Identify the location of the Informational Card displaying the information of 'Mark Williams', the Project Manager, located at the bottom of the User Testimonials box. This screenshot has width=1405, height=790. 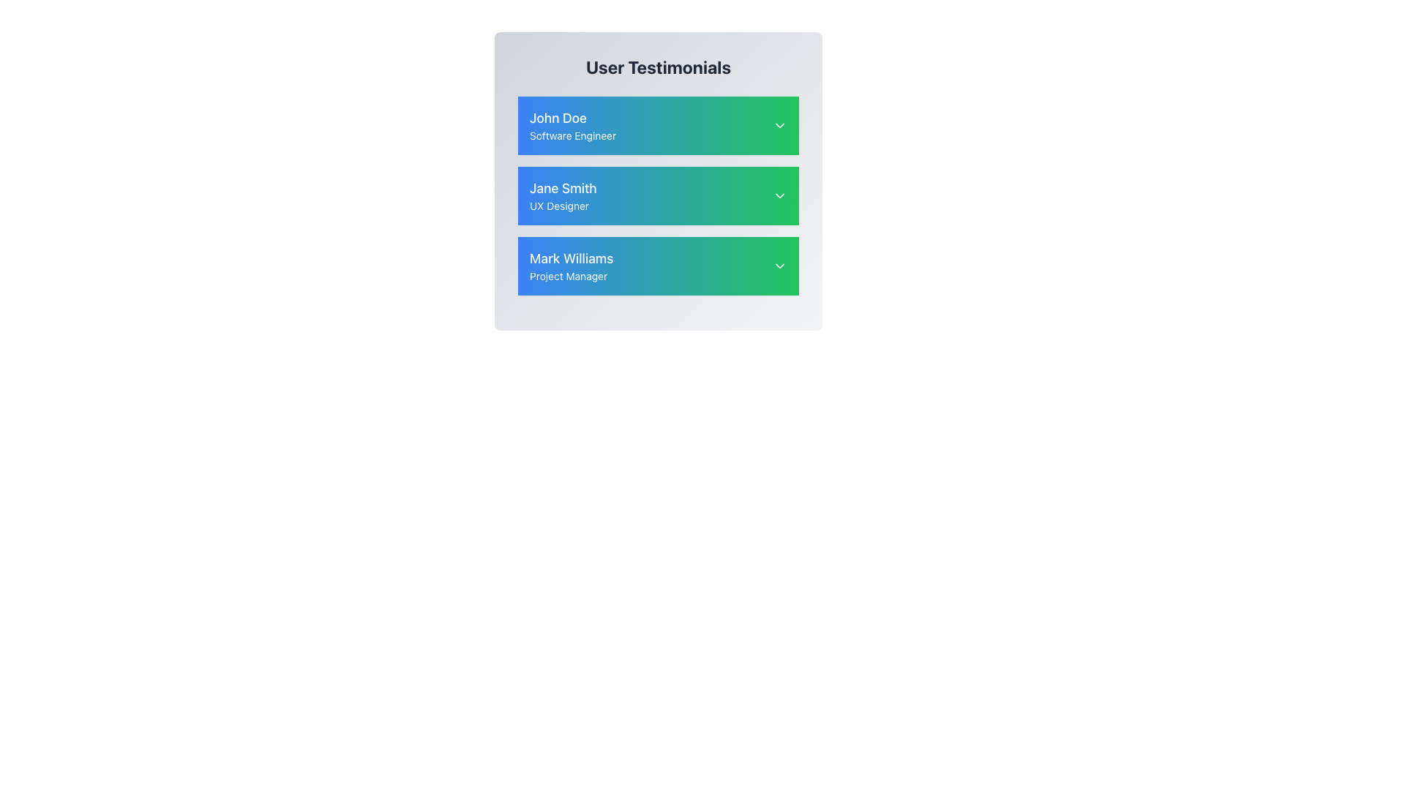
(658, 266).